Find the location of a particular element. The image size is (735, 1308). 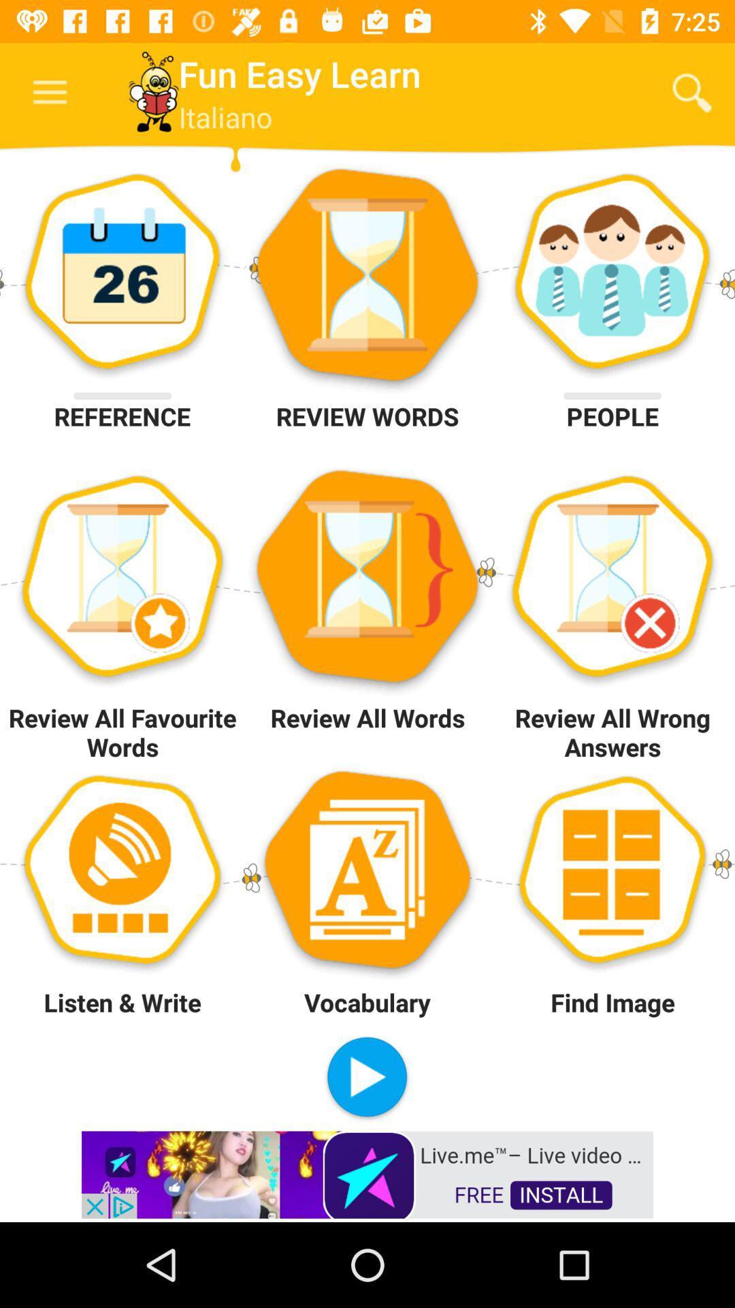

lesson is located at coordinates (366, 1078).